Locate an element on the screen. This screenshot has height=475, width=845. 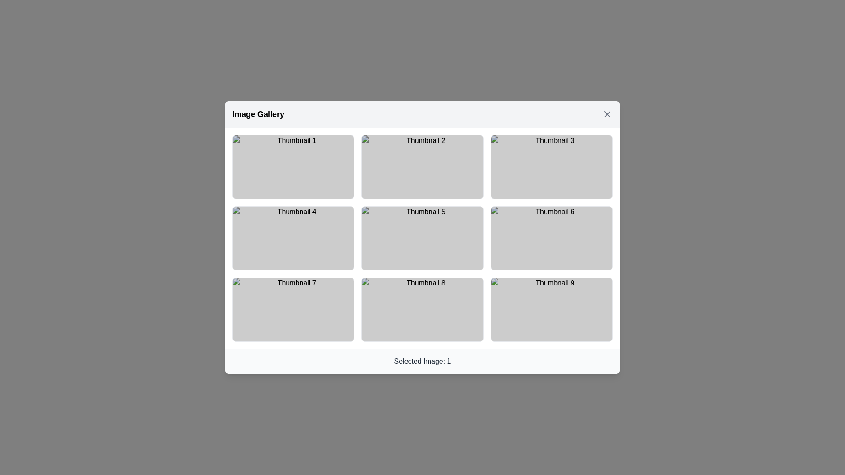
the interactive thumbnail located in the first row, third column of a 3x3 grid layout is located at coordinates (551, 167).